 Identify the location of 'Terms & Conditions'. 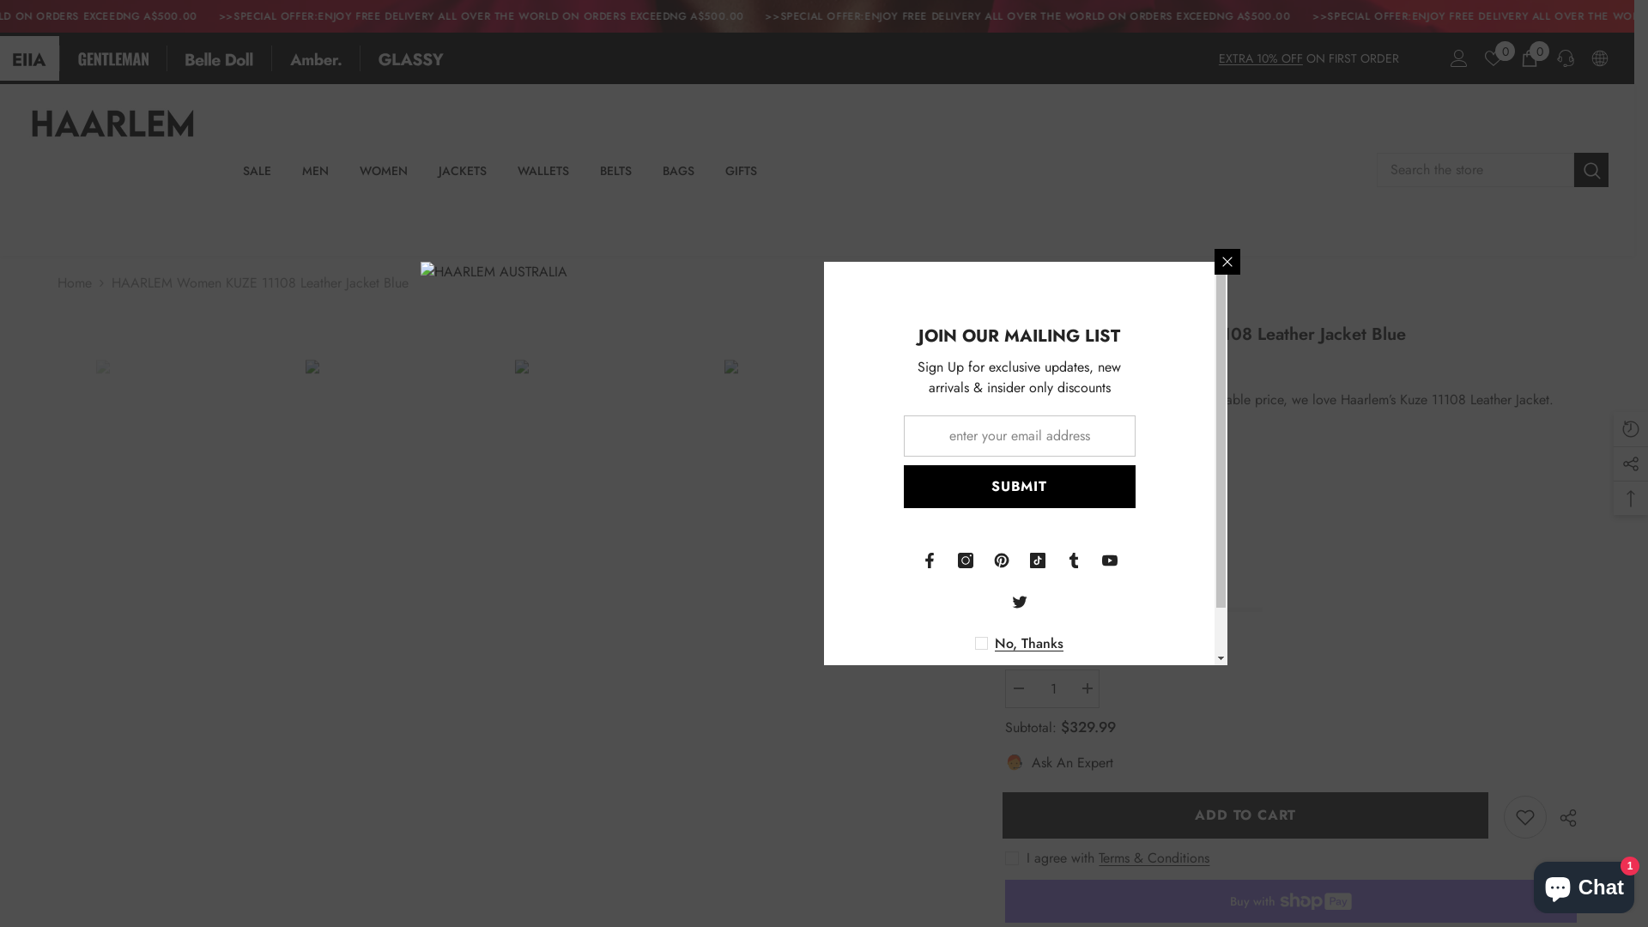
(1154, 857).